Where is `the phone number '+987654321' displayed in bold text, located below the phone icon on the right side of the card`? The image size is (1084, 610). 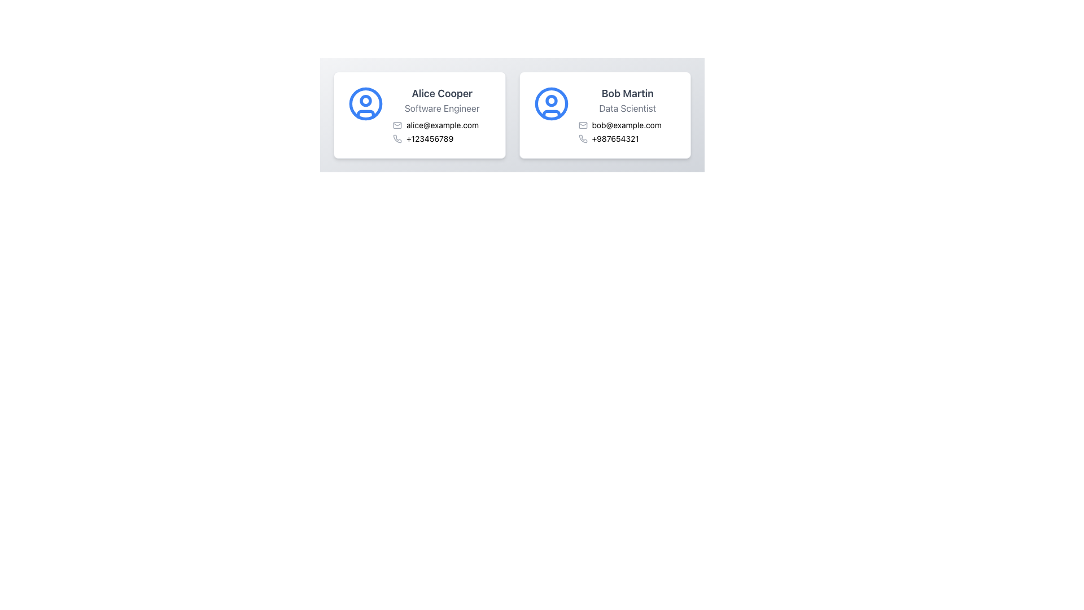 the phone number '+987654321' displayed in bold text, located below the phone icon on the right side of the card is located at coordinates (615, 138).